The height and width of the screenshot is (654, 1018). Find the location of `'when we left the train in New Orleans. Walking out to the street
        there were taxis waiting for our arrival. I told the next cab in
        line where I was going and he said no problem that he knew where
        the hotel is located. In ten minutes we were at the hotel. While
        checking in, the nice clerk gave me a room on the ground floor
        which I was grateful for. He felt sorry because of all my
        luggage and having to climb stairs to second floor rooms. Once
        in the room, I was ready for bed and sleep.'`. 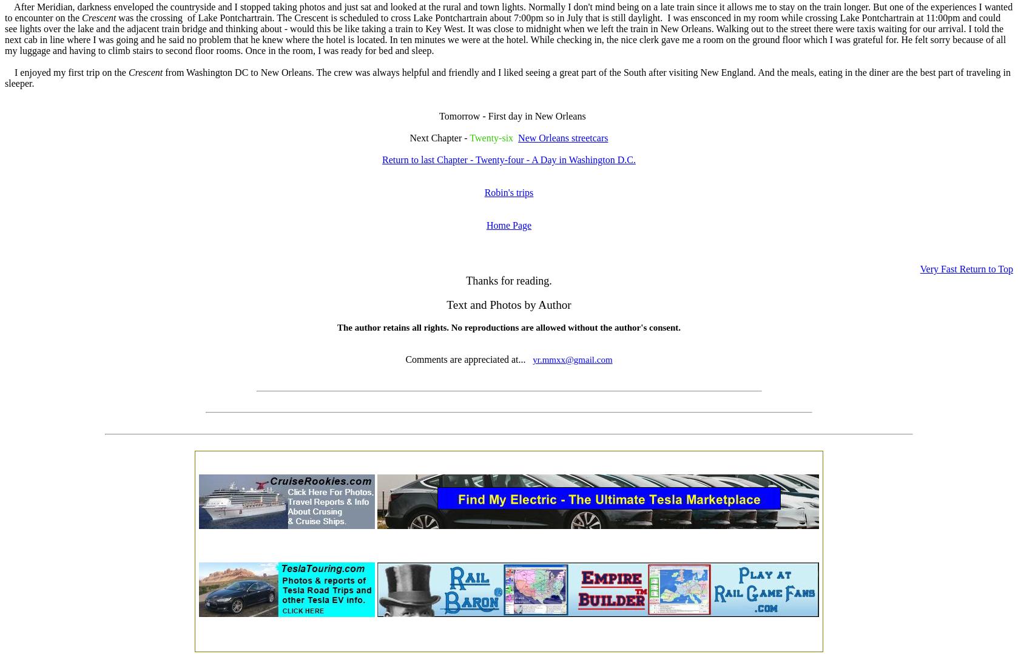

'when we left the train in New Orleans. Walking out to the street
        there were taxis waiting for our arrival. I told the next cab in
        line where I was going and he said no problem that he knew where
        the hotel is located. In ten minutes we were at the hotel. While
        checking in, the nice clerk gave me a room on the ground floor
        which I was grateful for. He felt sorry because of all my
        luggage and having to climb stairs to second floor rooms. Once
        in the room, I was ready for bed and sleep.' is located at coordinates (504, 39).